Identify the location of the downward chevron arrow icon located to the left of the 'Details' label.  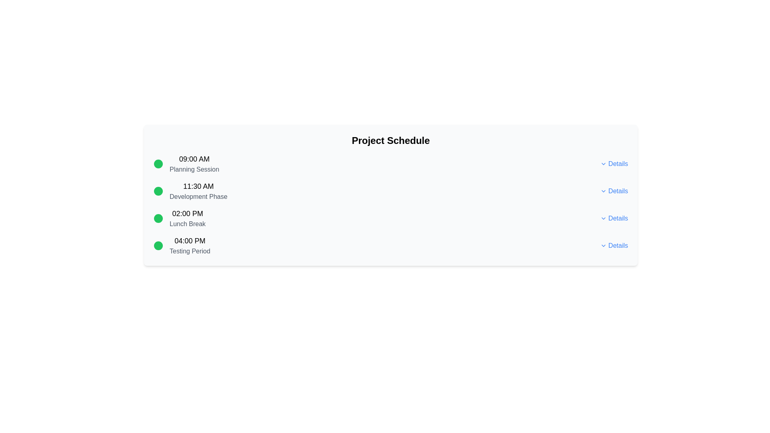
(604, 191).